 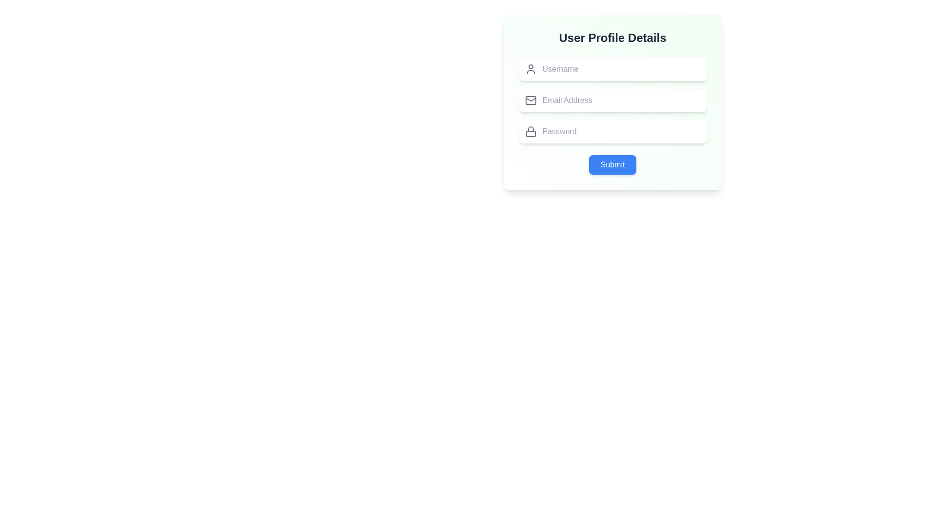 What do you see at coordinates (530, 100) in the screenshot?
I see `the email input field icon, which is located to the left of the 'Email Address' text input field, providing a visual cue for users` at bounding box center [530, 100].